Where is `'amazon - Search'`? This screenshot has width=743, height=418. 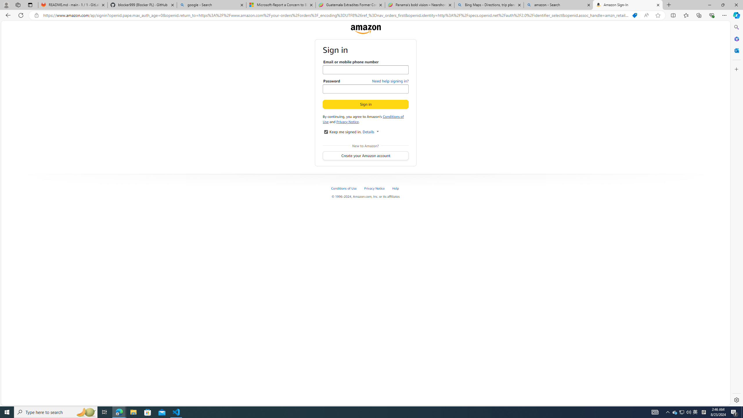
'amazon - Search' is located at coordinates (558, 5).